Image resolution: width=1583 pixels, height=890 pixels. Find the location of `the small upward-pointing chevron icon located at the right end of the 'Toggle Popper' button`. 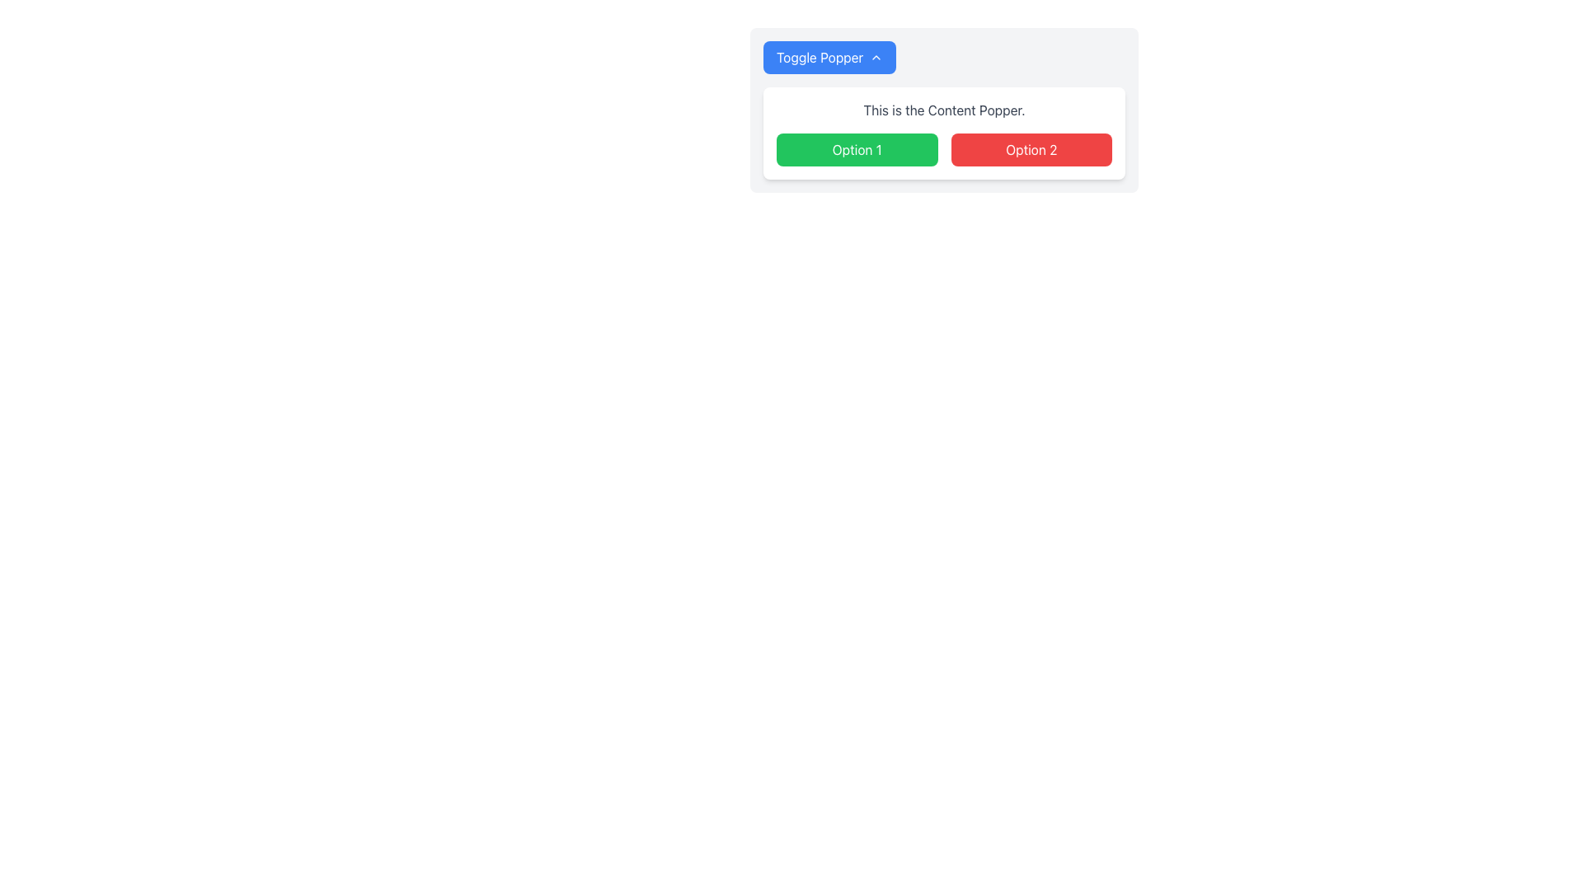

the small upward-pointing chevron icon located at the right end of the 'Toggle Popper' button is located at coordinates (876, 56).